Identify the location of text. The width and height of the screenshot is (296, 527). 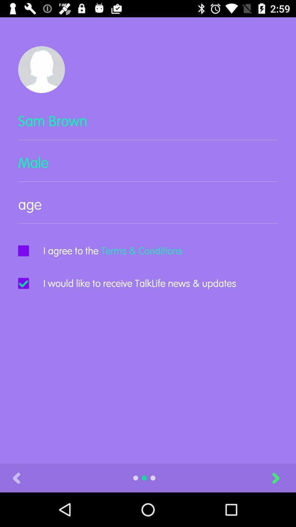
(148, 209).